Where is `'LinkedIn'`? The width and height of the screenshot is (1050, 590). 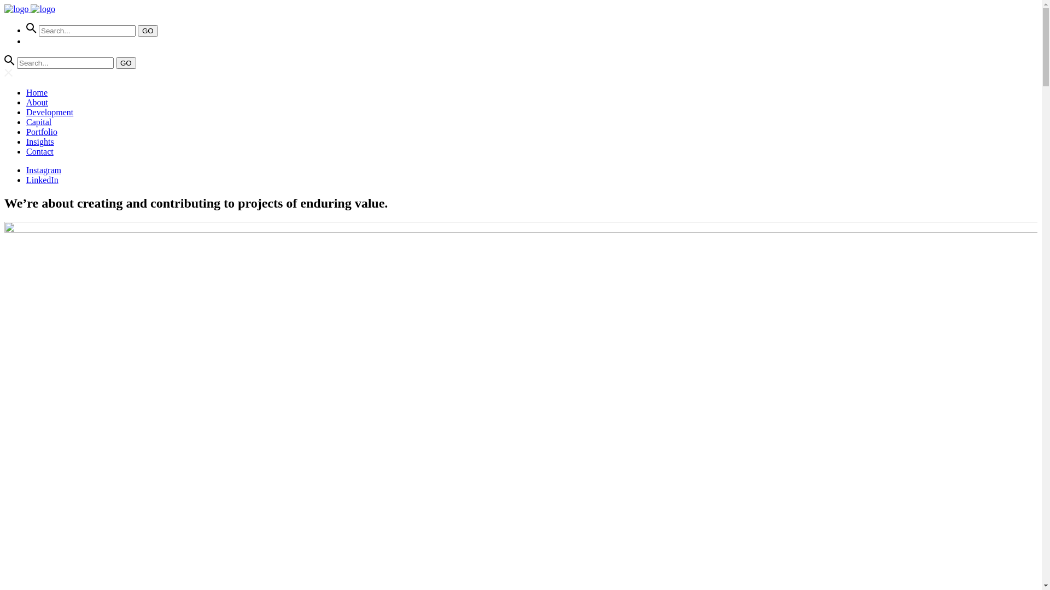 'LinkedIn' is located at coordinates (26, 179).